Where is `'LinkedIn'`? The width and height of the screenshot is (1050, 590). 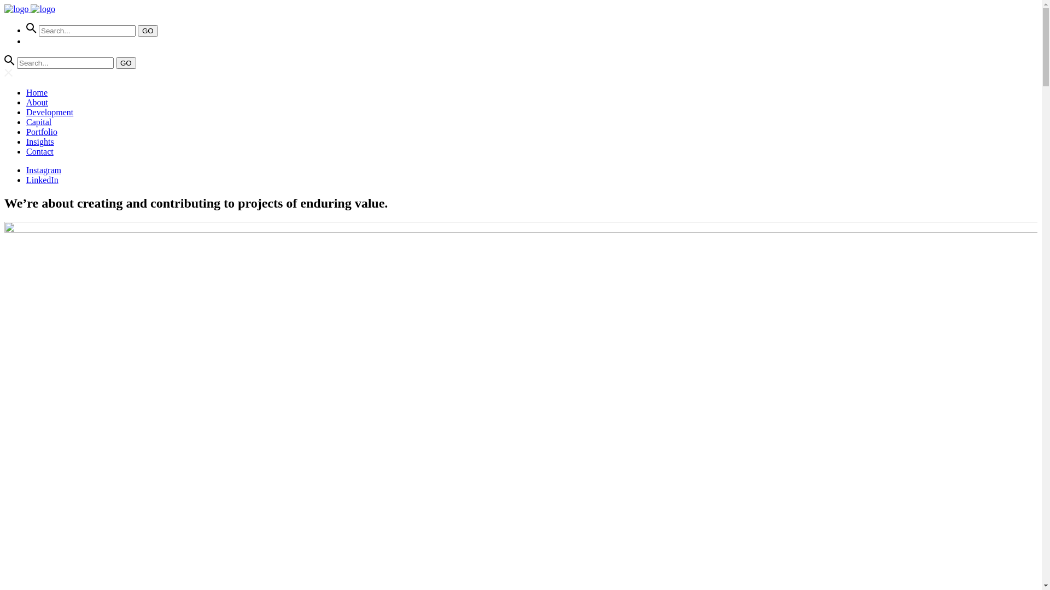 'LinkedIn' is located at coordinates (26, 179).